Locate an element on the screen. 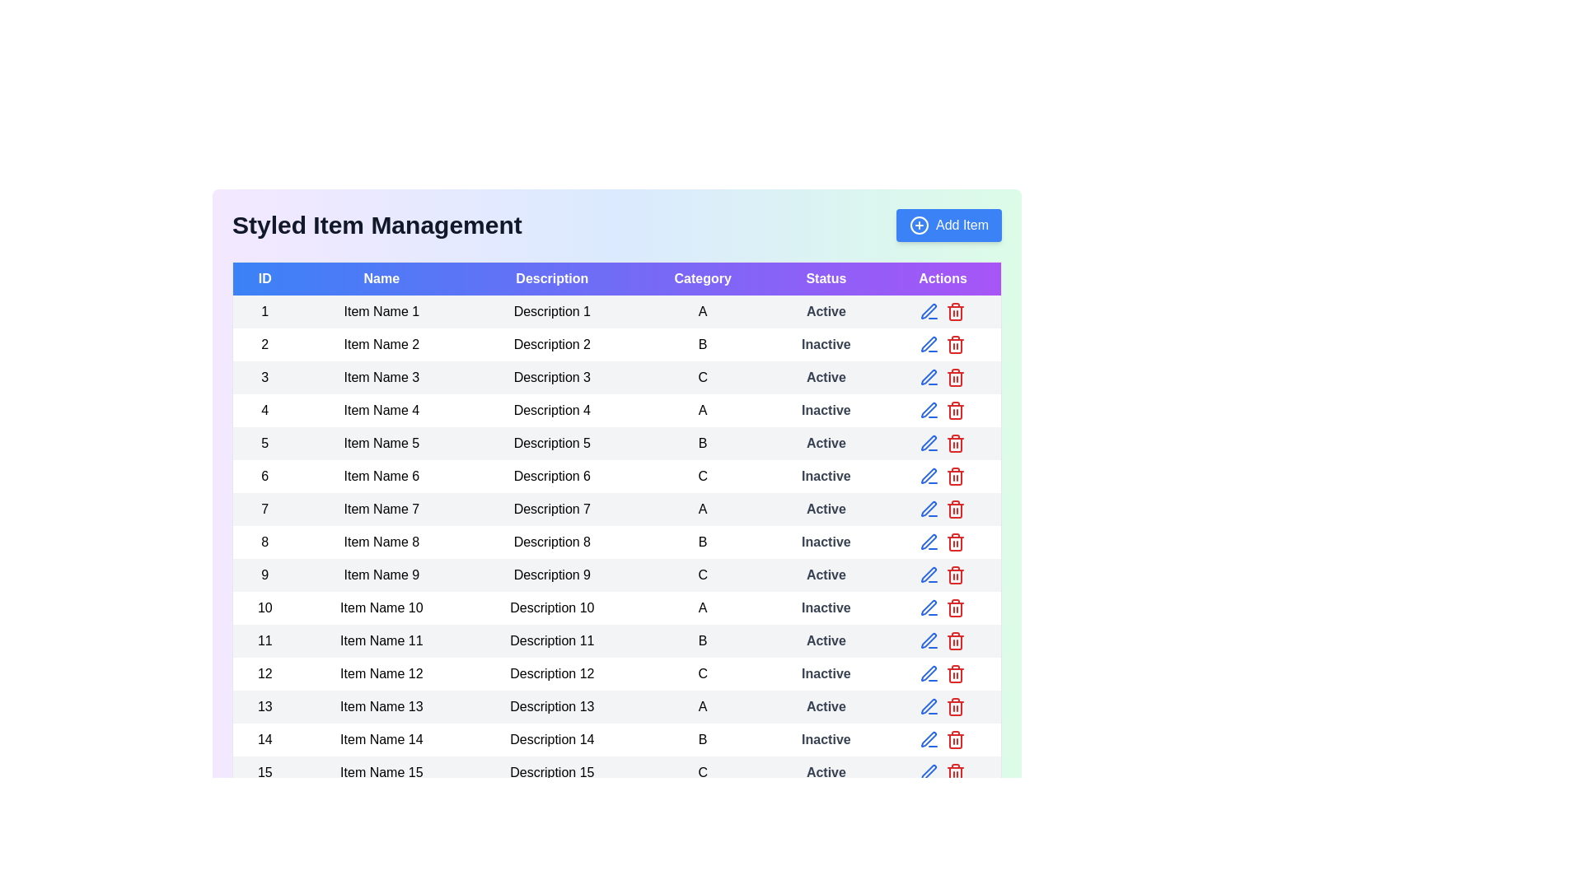  the 'Add Item' button to initiate the process of adding a new item is located at coordinates (949, 225).